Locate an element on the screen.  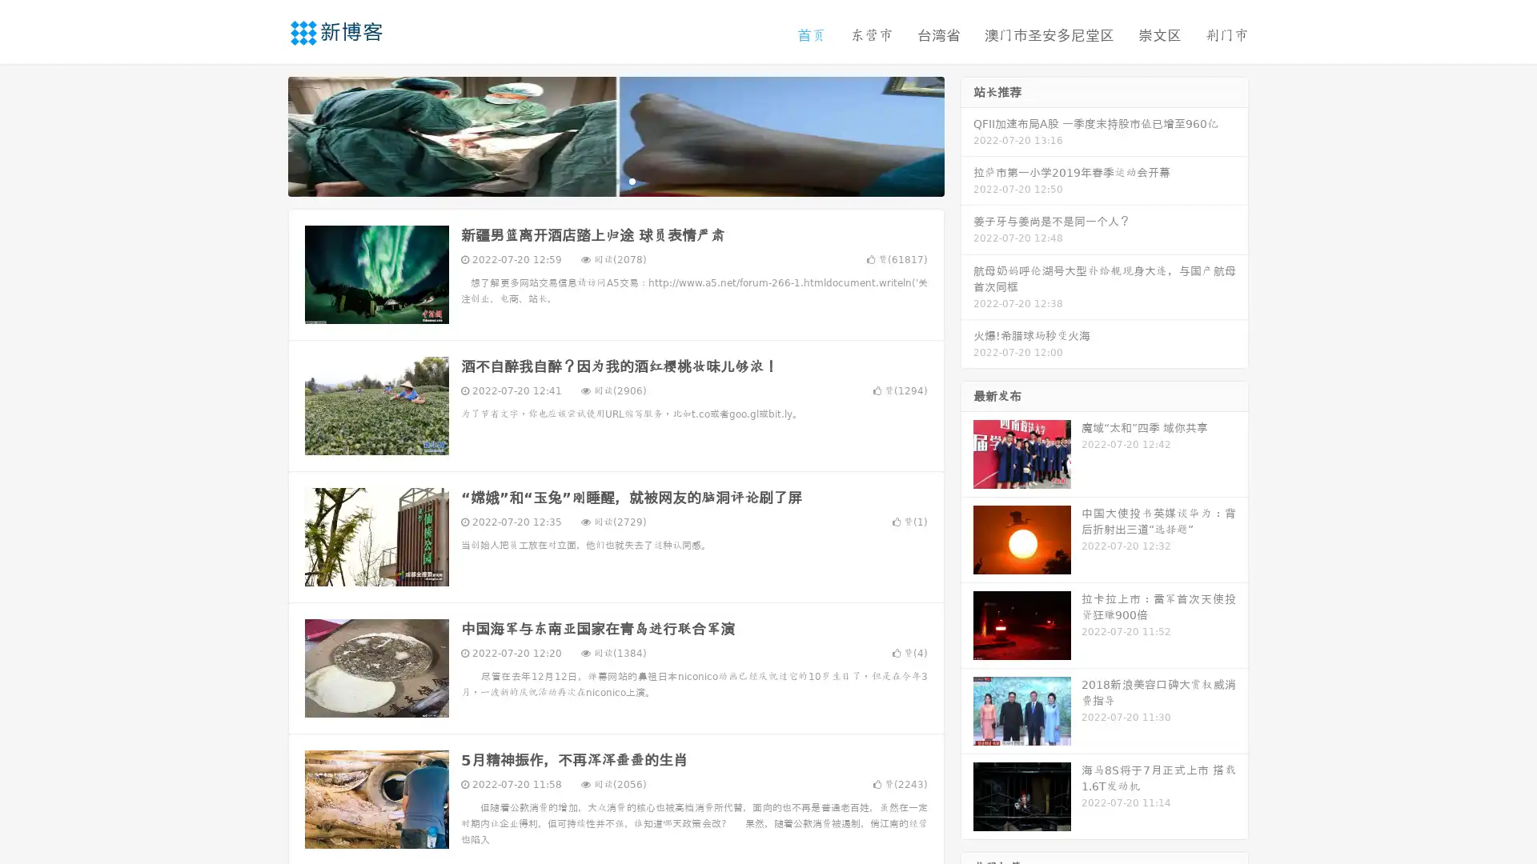
Previous slide is located at coordinates (264, 134).